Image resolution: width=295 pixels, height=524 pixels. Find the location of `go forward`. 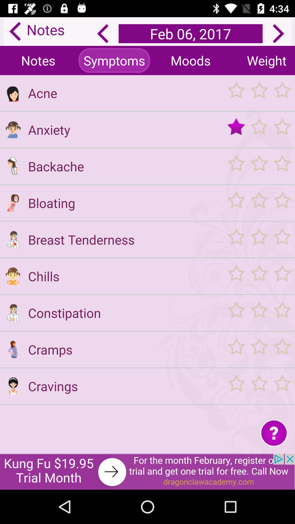

go forward is located at coordinates (278, 33).